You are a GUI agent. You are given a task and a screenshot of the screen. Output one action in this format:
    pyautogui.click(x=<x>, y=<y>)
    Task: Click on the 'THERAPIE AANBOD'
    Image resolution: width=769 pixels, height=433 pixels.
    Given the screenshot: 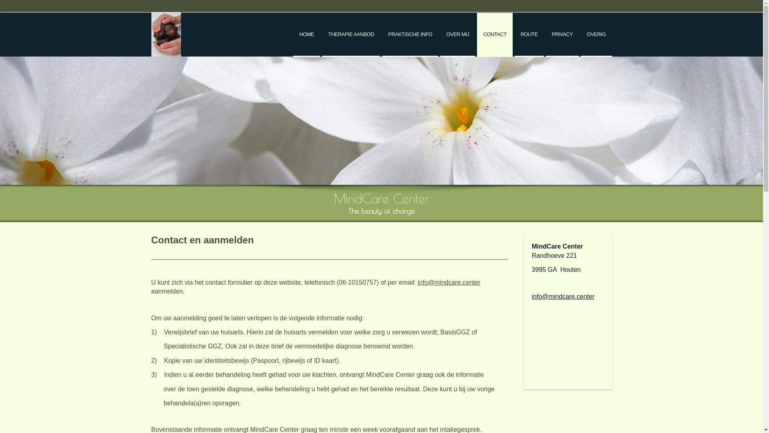 What is the action you would take?
    pyautogui.click(x=351, y=34)
    